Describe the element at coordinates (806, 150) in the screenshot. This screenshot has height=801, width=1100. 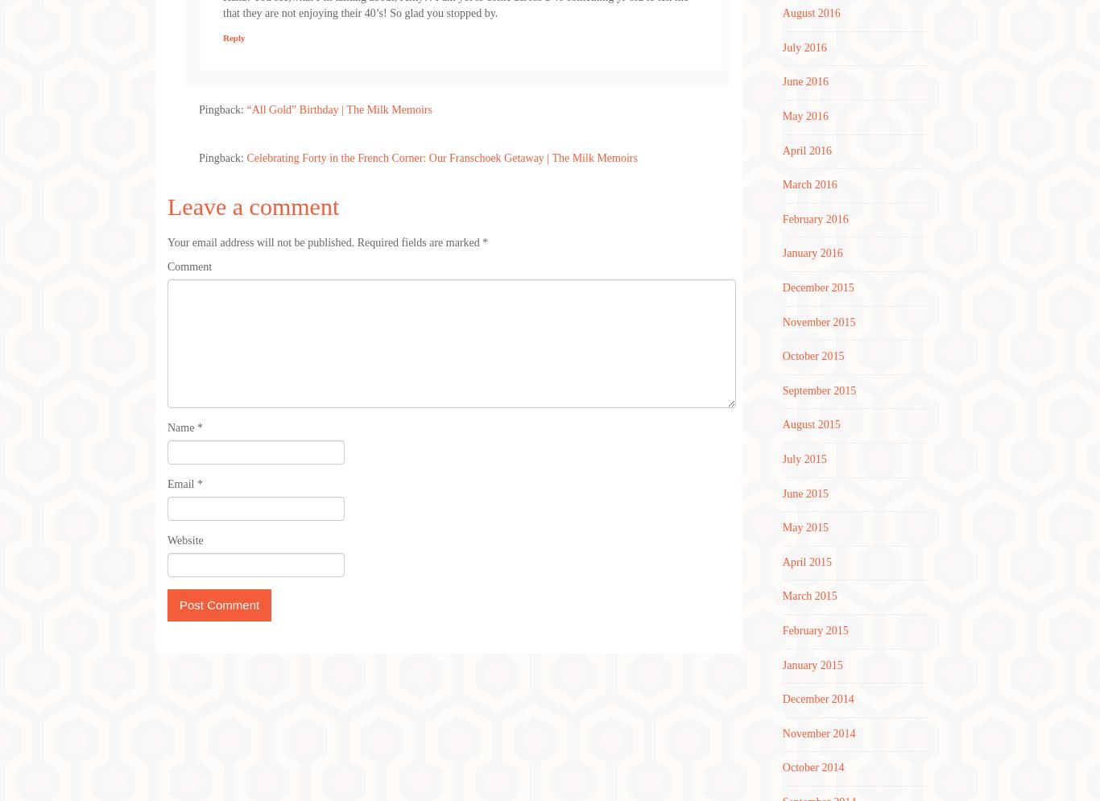
I see `'April 2016'` at that location.